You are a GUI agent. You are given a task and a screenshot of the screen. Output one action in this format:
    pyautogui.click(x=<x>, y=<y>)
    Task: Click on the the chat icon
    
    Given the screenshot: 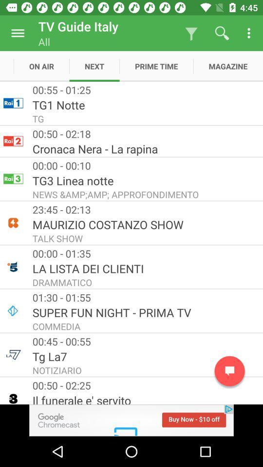 What is the action you would take?
    pyautogui.click(x=229, y=371)
    